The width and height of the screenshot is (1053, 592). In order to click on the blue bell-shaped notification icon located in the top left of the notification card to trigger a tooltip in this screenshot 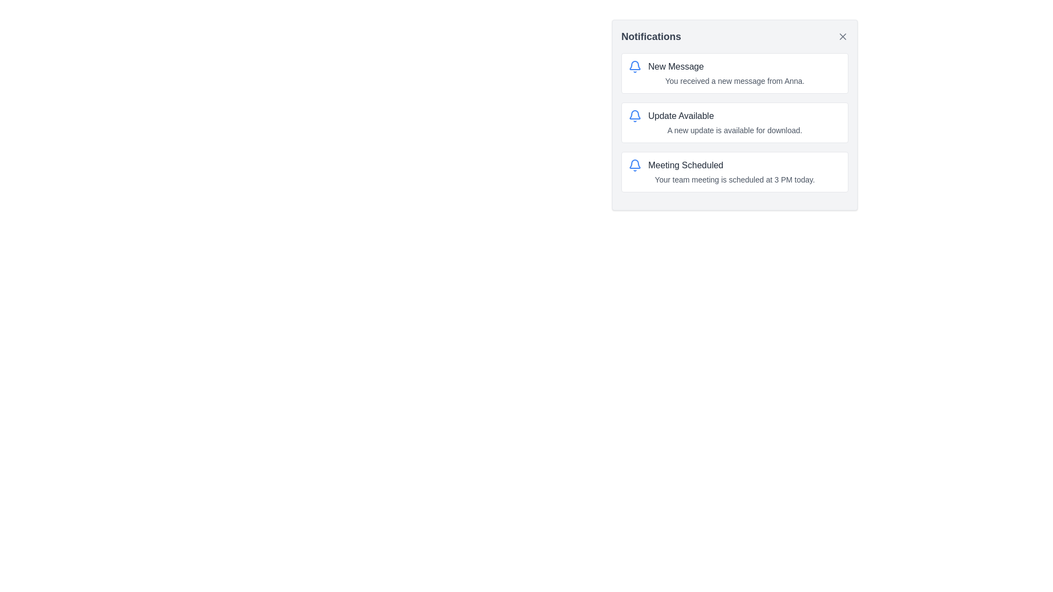, I will do `click(635, 165)`.